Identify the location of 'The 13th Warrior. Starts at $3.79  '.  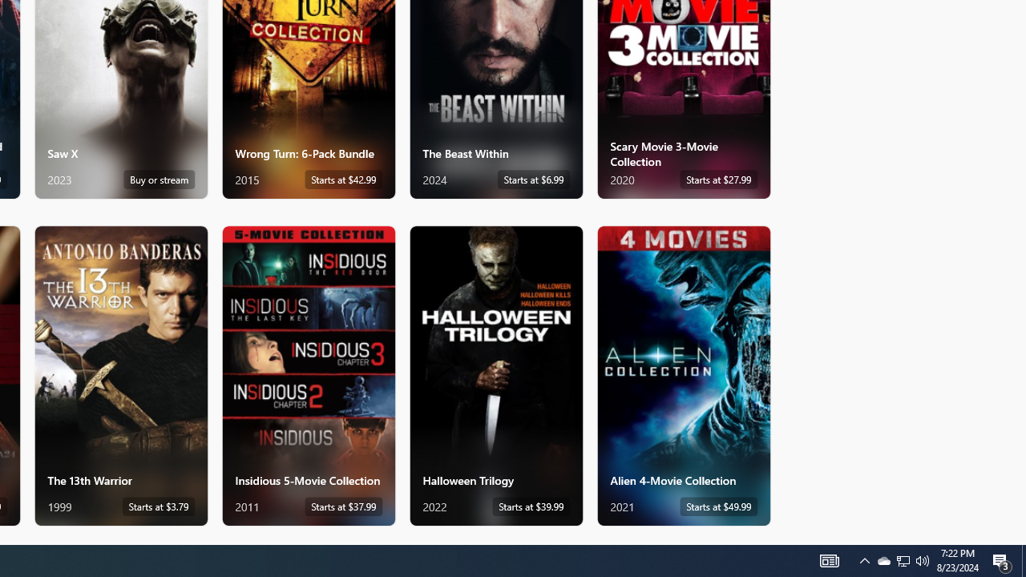
(120, 375).